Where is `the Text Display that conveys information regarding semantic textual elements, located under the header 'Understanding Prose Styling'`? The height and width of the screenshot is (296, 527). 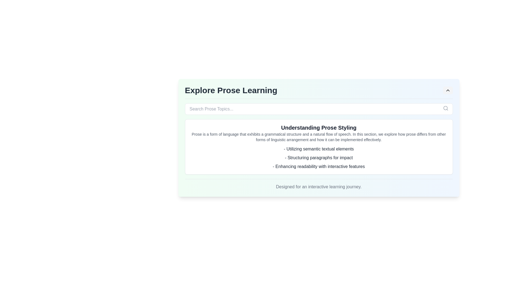
the Text Display that conveys information regarding semantic textual elements, located under the header 'Understanding Prose Styling' is located at coordinates (319, 149).